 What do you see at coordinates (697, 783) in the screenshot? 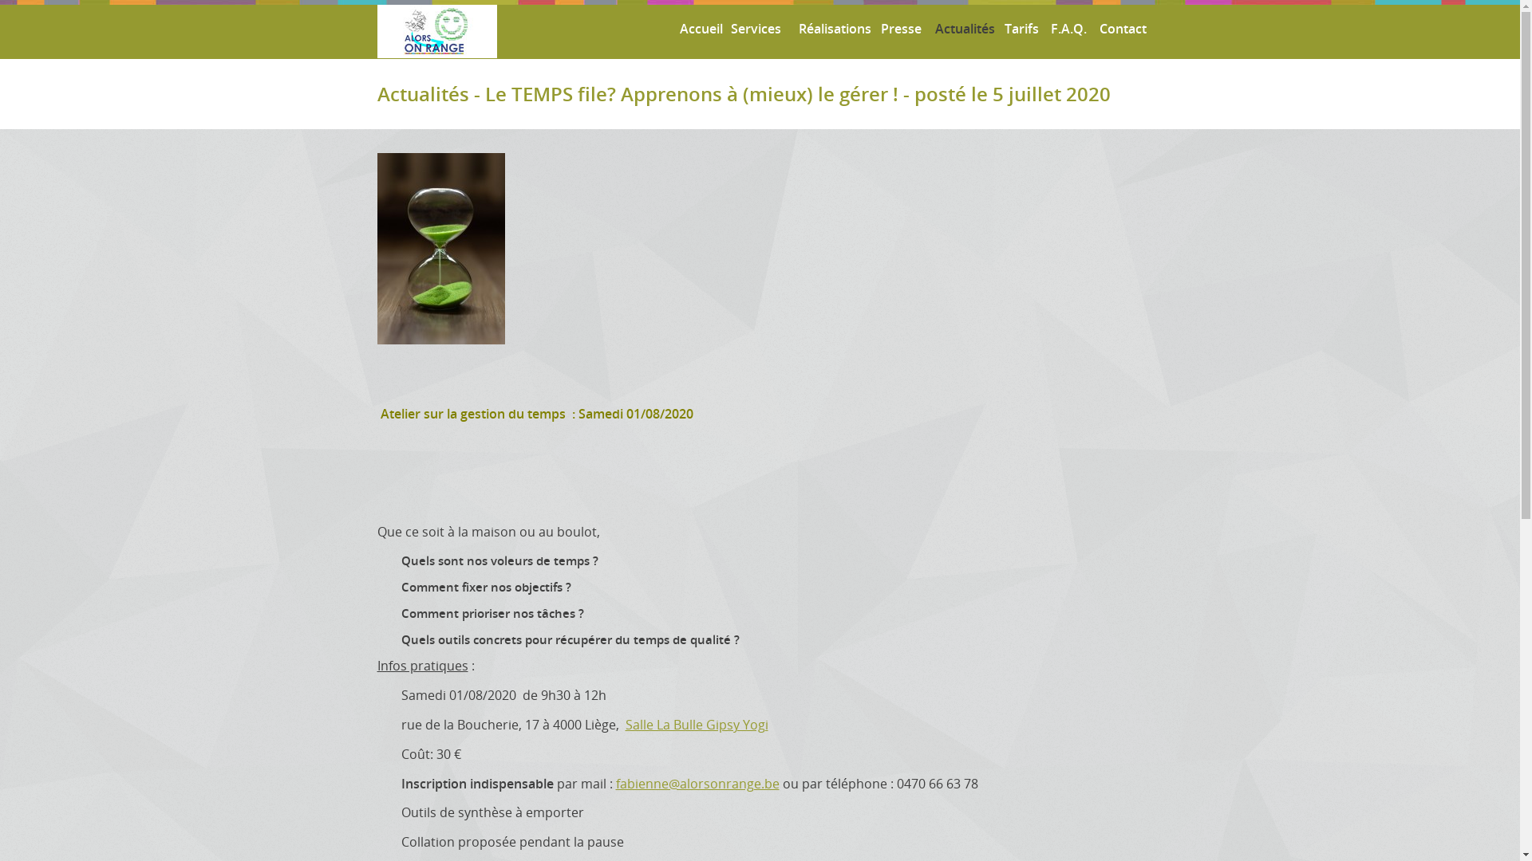
I see `'fabienne@alorsonrange.be'` at bounding box center [697, 783].